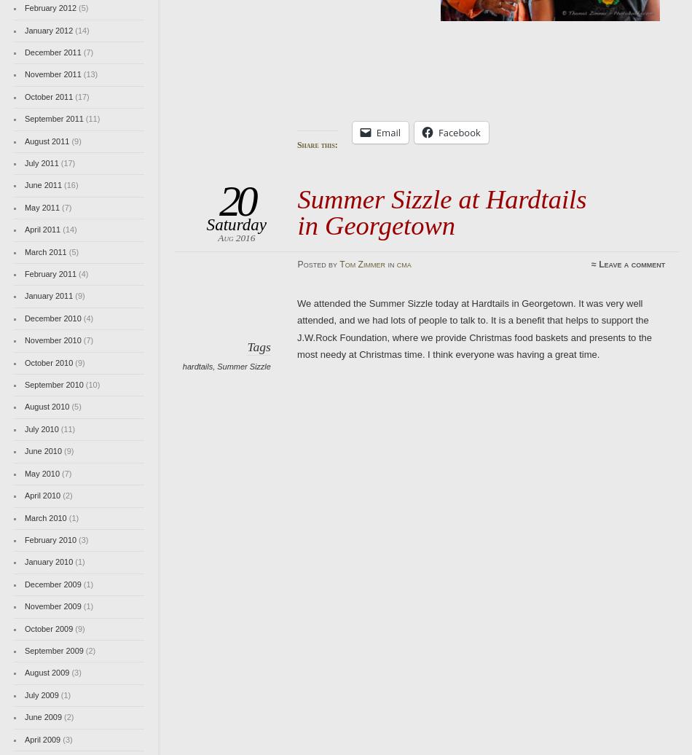  What do you see at coordinates (48, 361) in the screenshot?
I see `'October 2010'` at bounding box center [48, 361].